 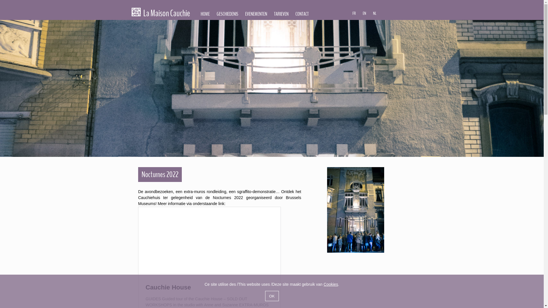 I want to click on 'La Maison Cauchie', so click(x=136, y=12).